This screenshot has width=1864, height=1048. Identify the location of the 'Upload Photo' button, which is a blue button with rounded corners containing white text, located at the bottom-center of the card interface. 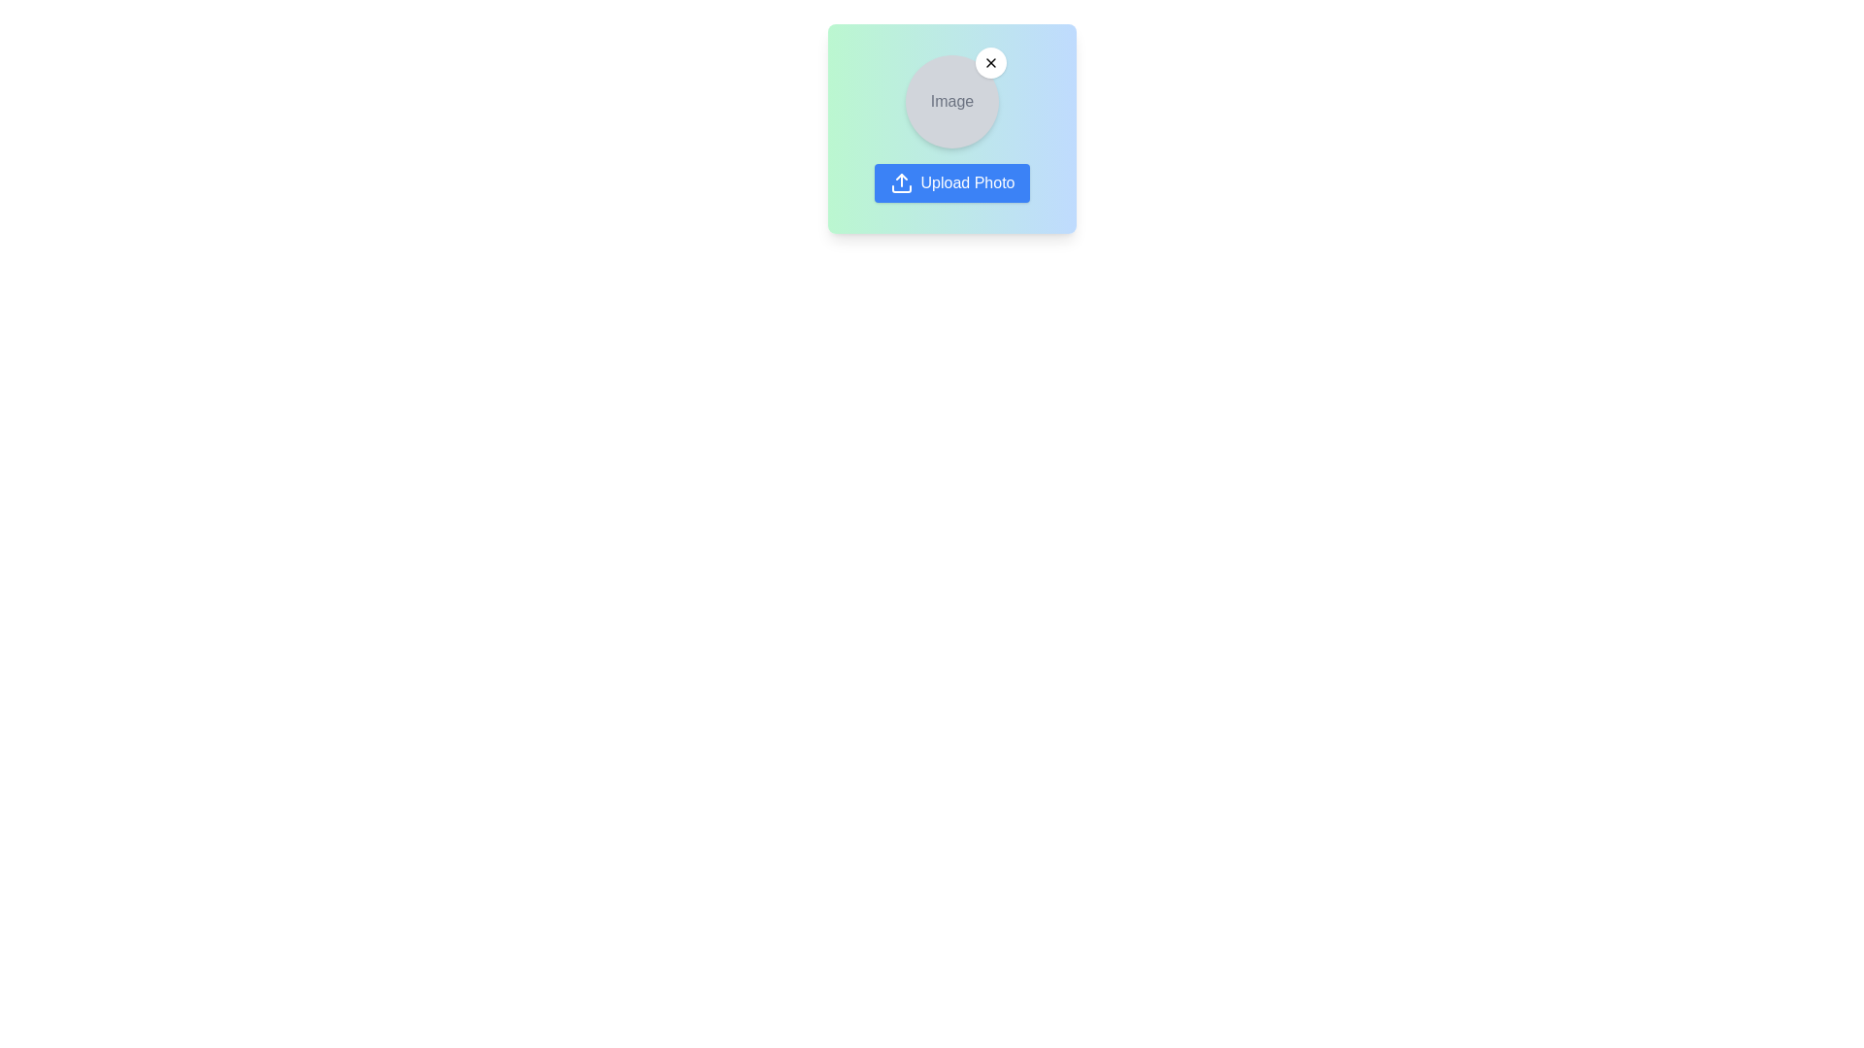
(968, 183).